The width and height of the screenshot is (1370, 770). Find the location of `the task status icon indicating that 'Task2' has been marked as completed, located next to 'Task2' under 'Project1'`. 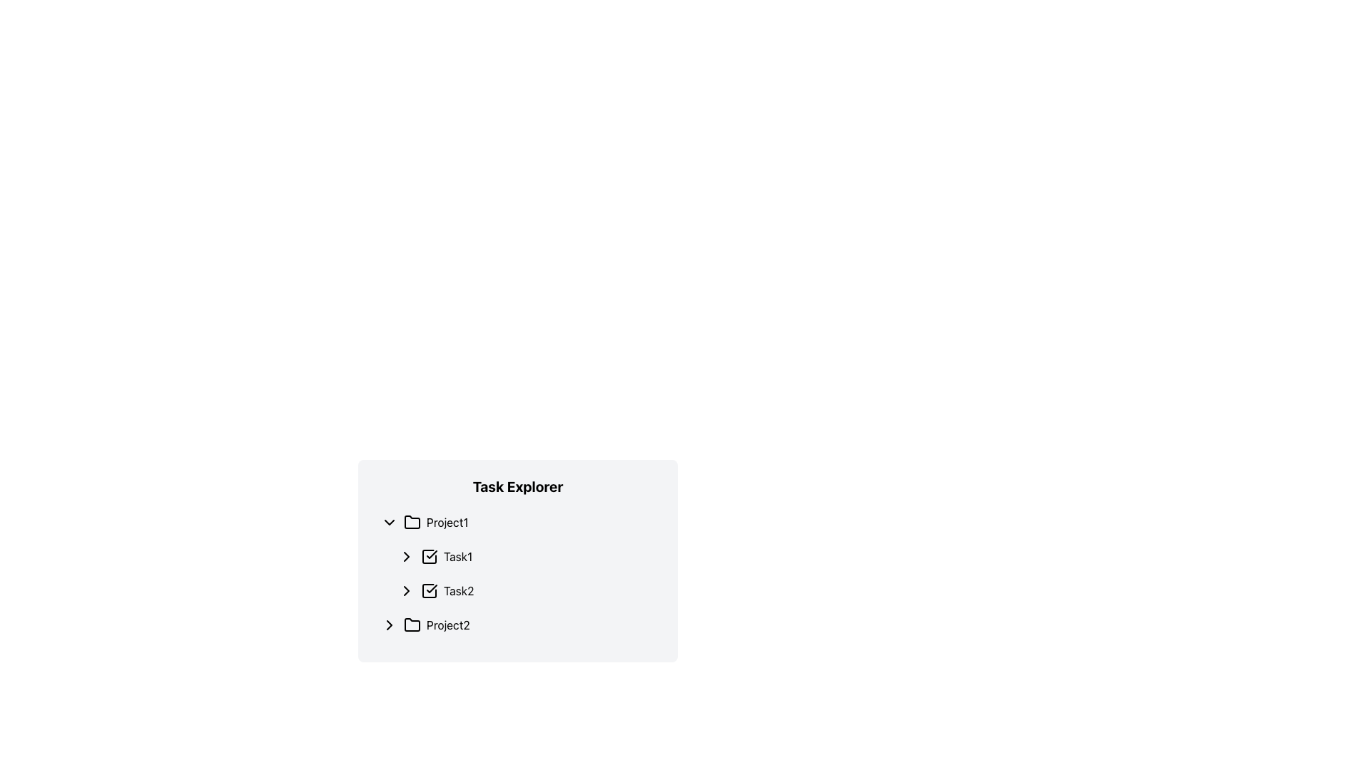

the task status icon indicating that 'Task2' has been marked as completed, located next to 'Task2' under 'Project1' is located at coordinates (428, 591).